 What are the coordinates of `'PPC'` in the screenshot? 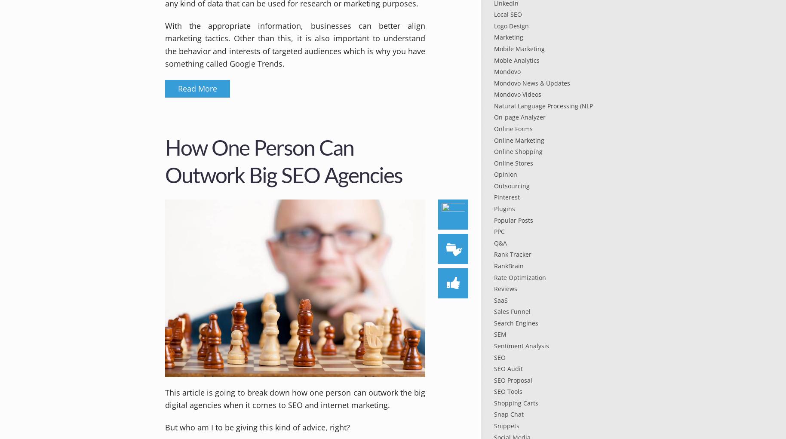 It's located at (499, 231).